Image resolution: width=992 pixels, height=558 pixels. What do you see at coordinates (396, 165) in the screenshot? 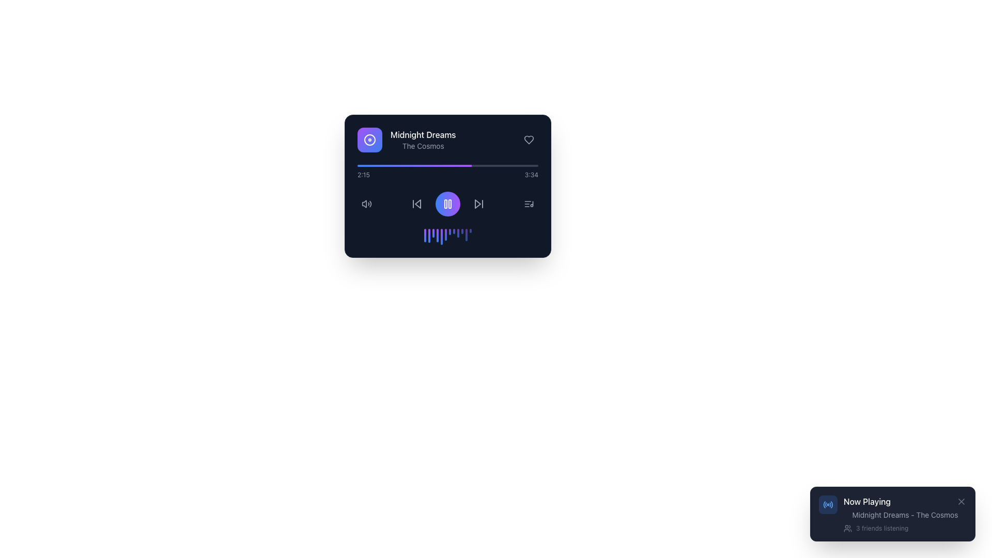
I see `playback time` at bounding box center [396, 165].